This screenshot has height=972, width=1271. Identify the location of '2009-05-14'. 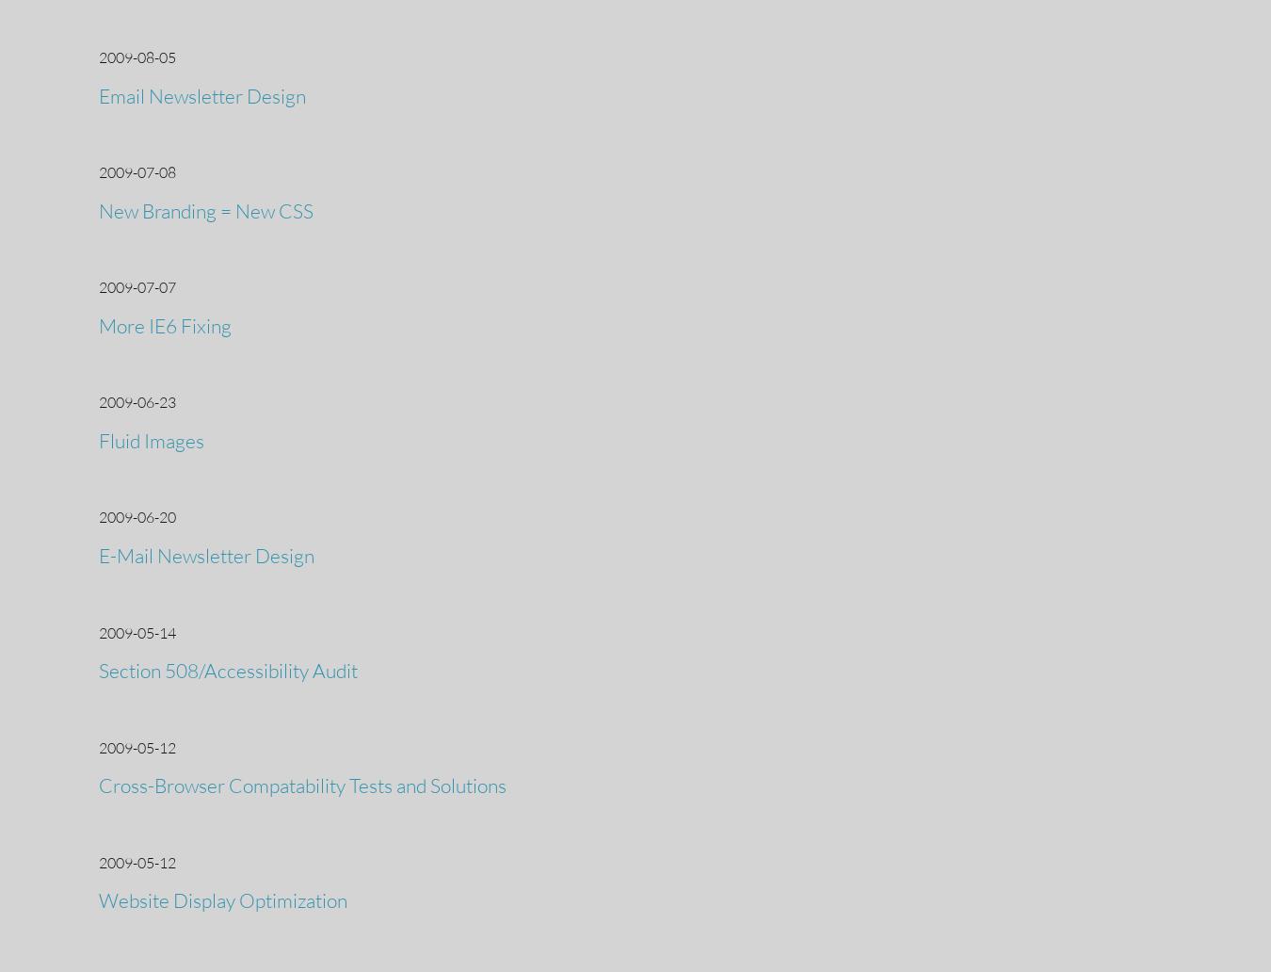
(98, 631).